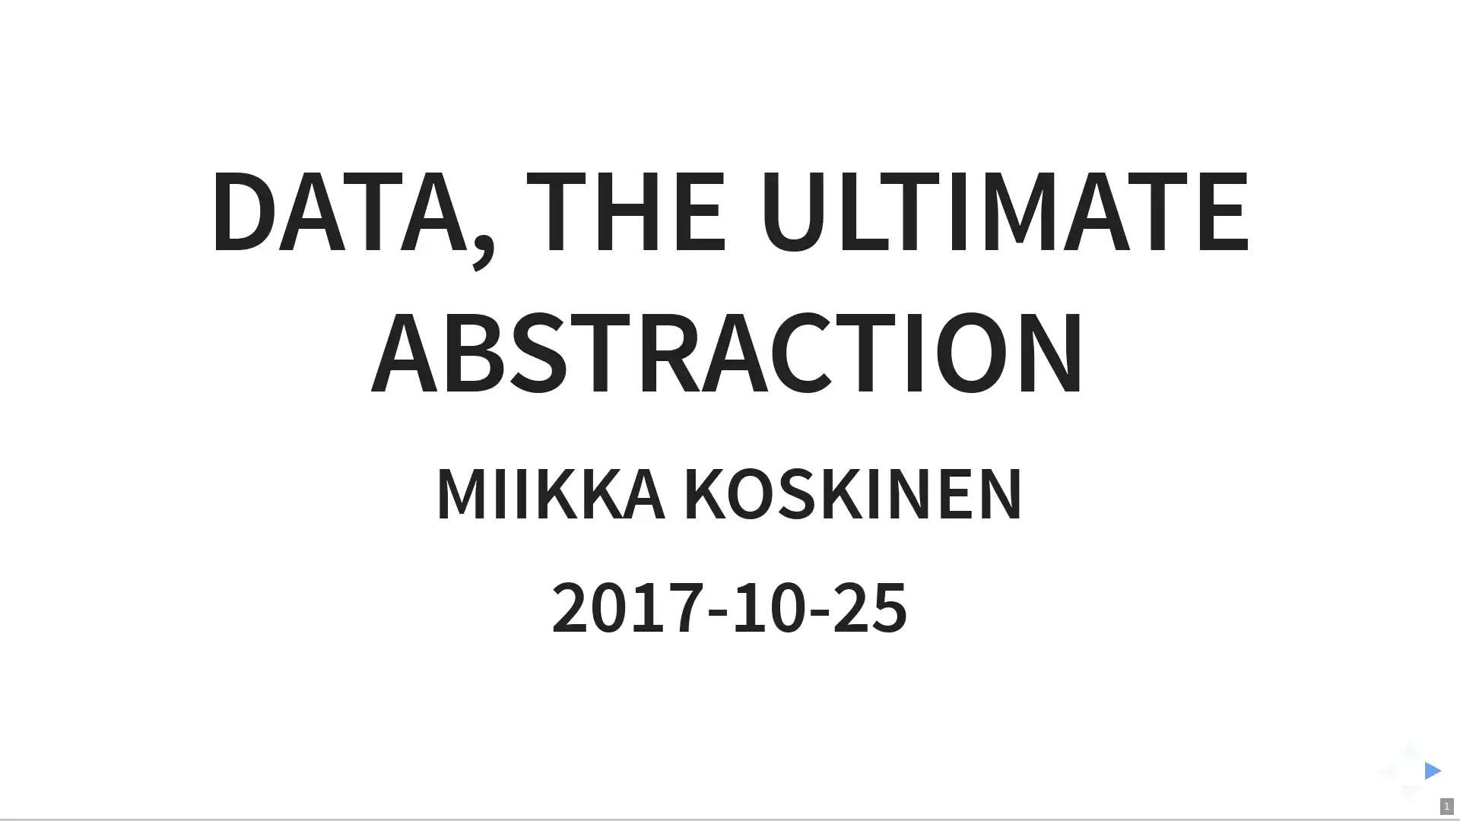  What do you see at coordinates (1408, 797) in the screenshot?
I see `below slide` at bounding box center [1408, 797].